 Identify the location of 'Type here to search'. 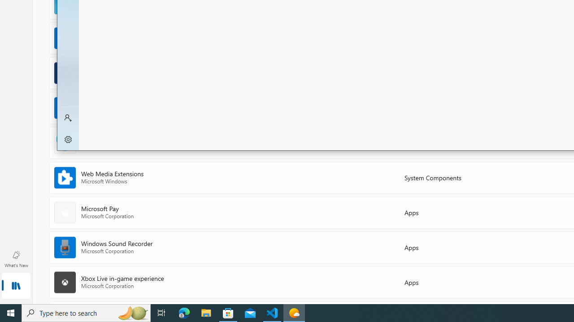
(86, 312).